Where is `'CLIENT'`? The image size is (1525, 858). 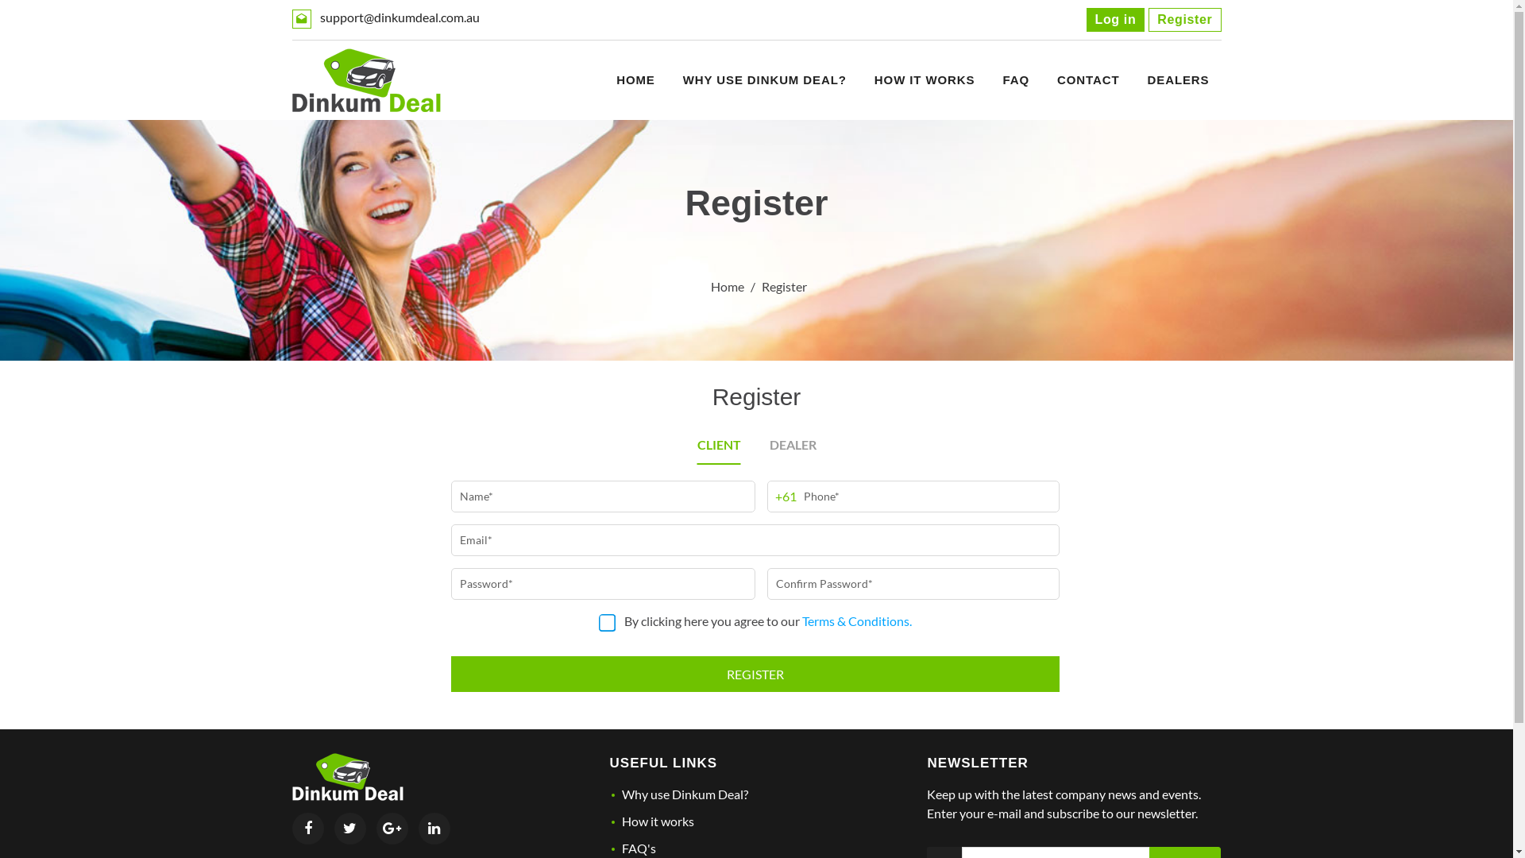
'CLIENT' is located at coordinates (718, 444).